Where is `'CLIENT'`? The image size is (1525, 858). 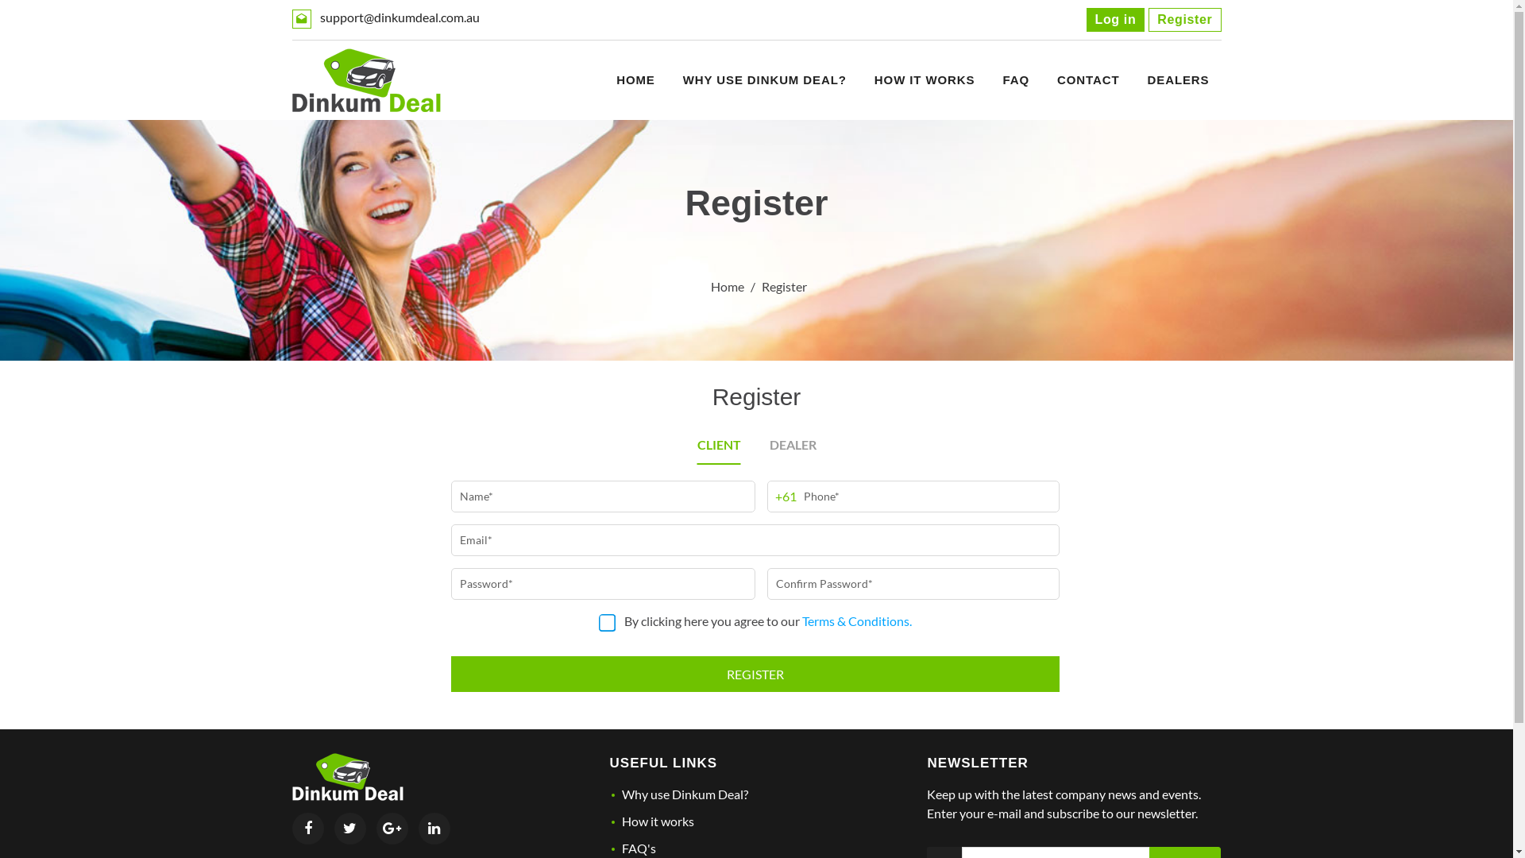
'CLIENT' is located at coordinates (718, 444).